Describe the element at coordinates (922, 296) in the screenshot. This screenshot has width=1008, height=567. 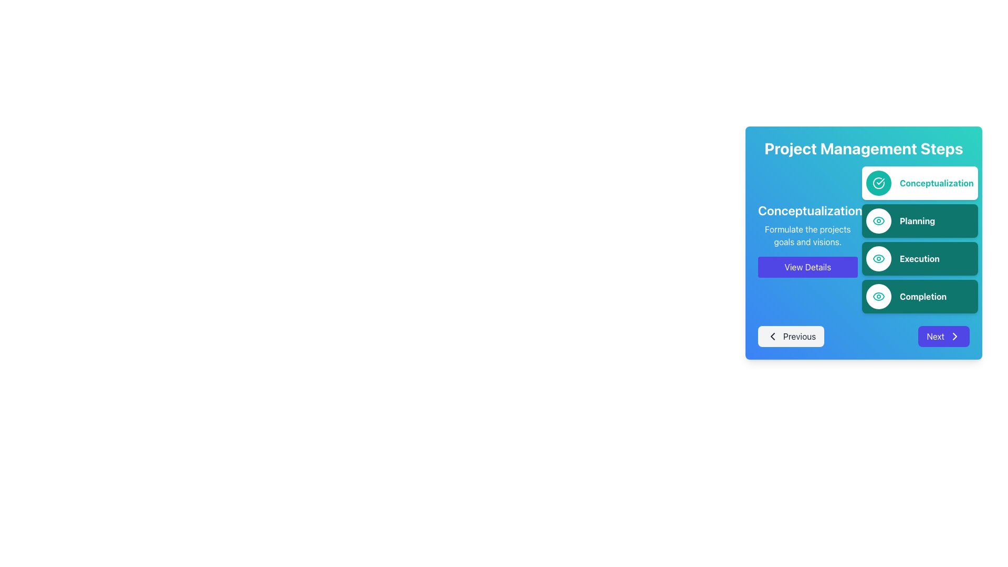
I see `the 'Completion' text label, which is displayed in bold white font against a green background` at that location.